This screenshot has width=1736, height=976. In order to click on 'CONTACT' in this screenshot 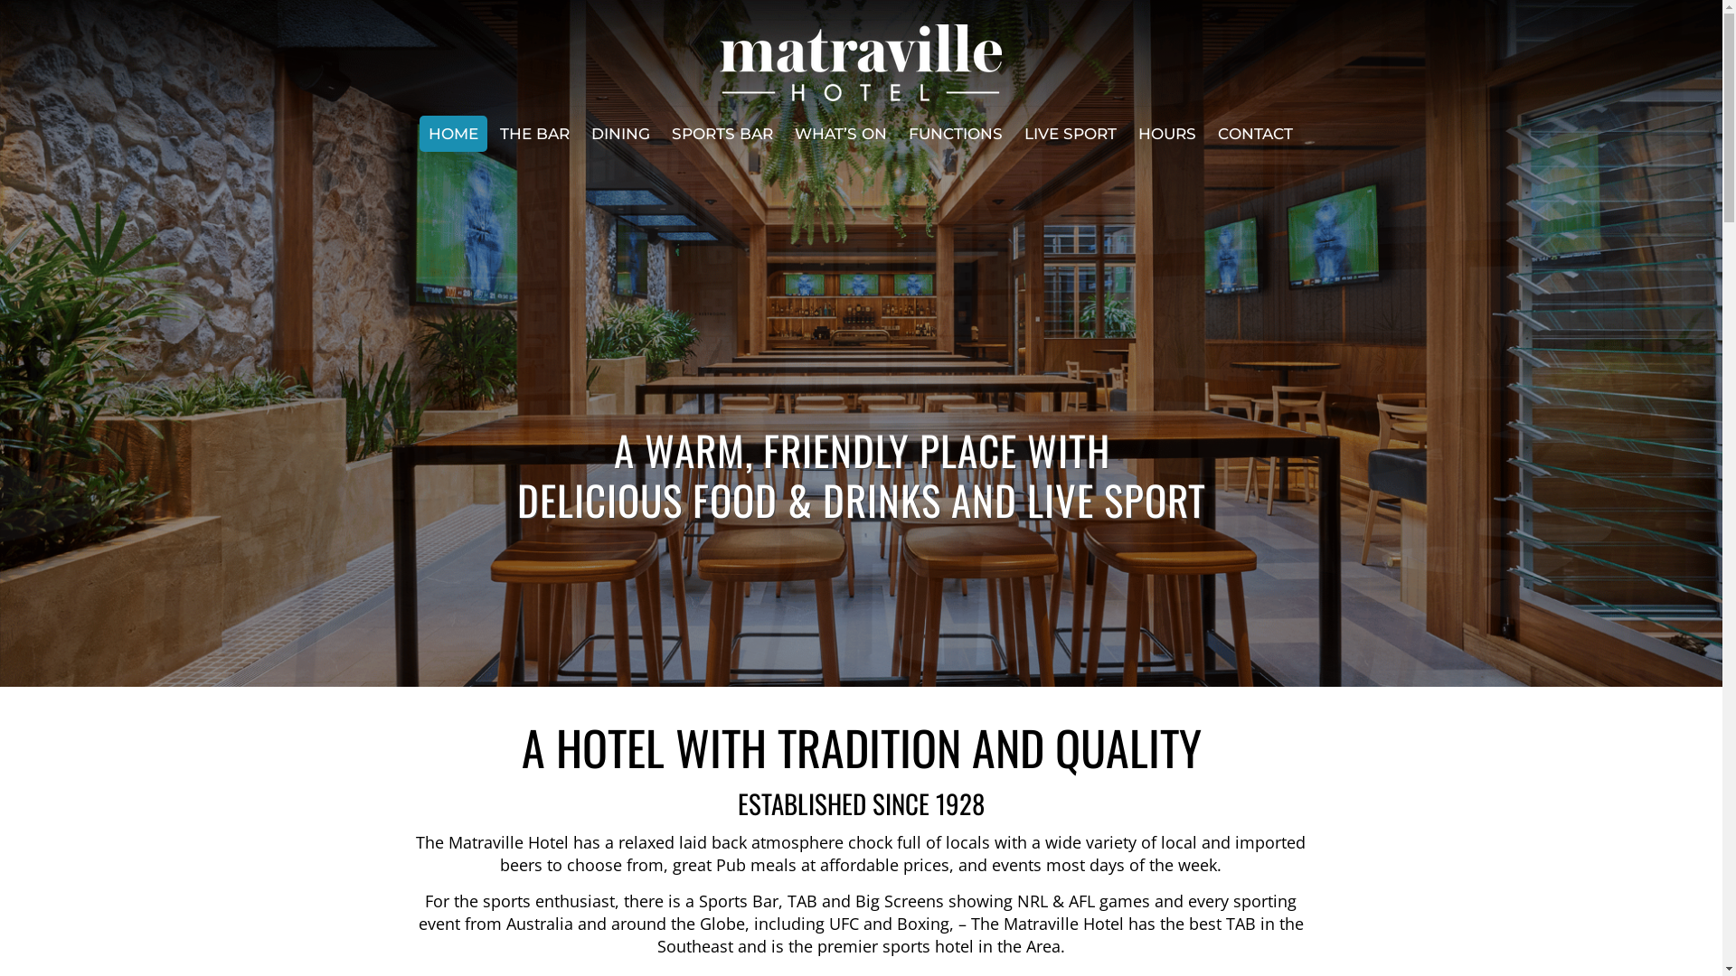, I will do `click(1254, 132)`.